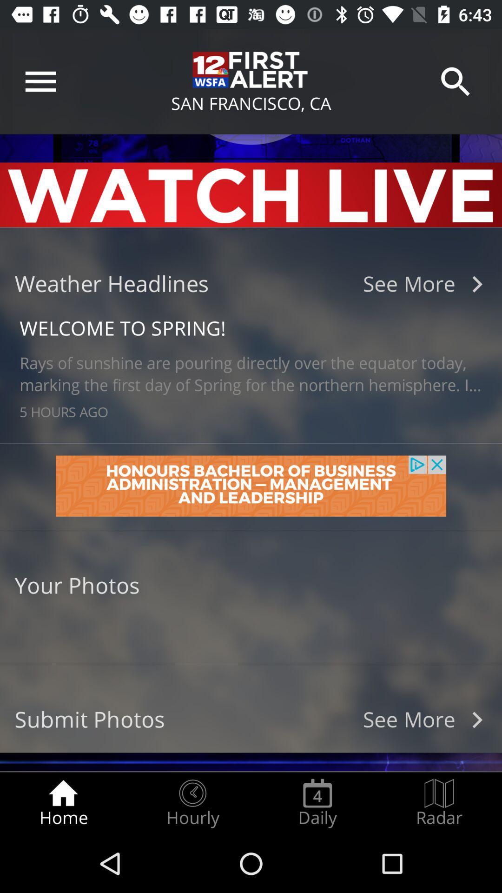 This screenshot has width=502, height=893. Describe the element at coordinates (192, 803) in the screenshot. I see `the item to the right of the home item` at that location.